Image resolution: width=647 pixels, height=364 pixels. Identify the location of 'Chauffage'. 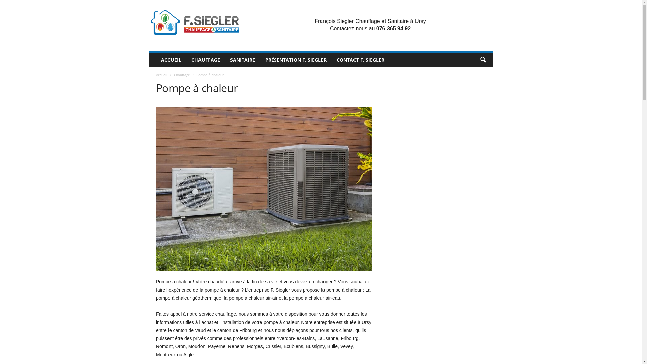
(174, 75).